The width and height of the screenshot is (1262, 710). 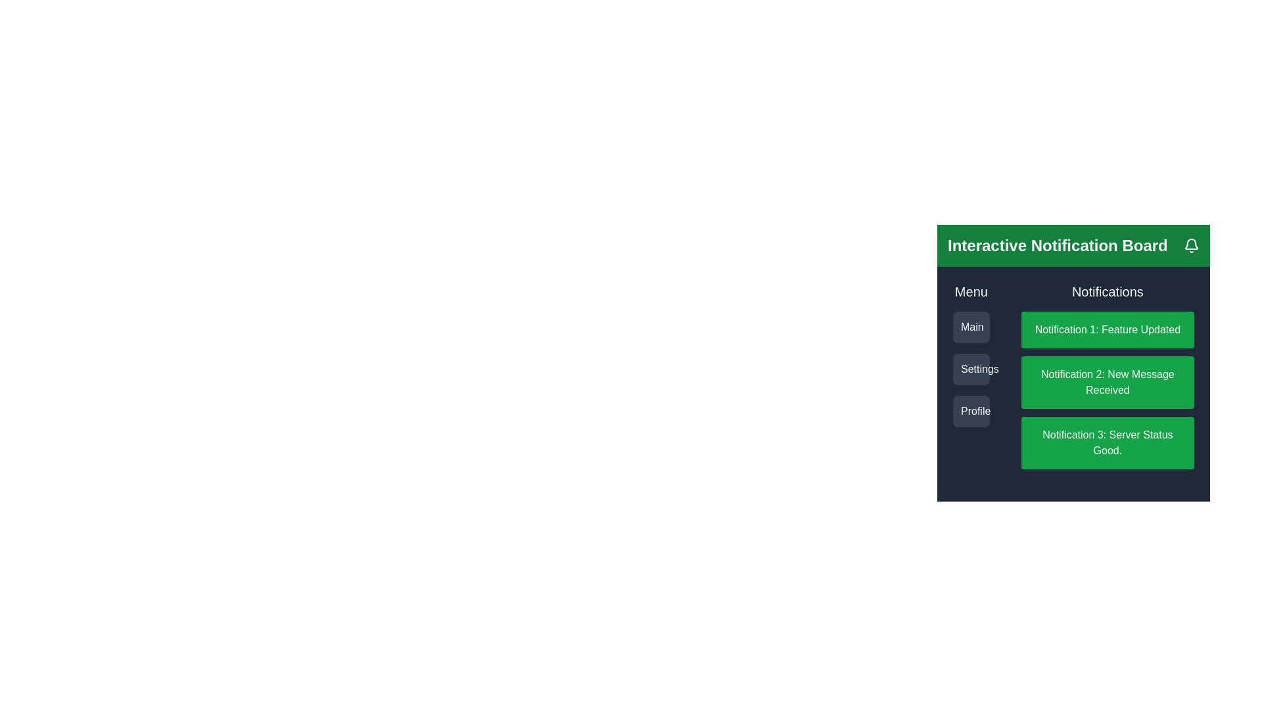 I want to click on the Static notification indicator button labeled 'Notification 2: New Message Received', which is the second button in the Notifications section, so click(x=1107, y=383).